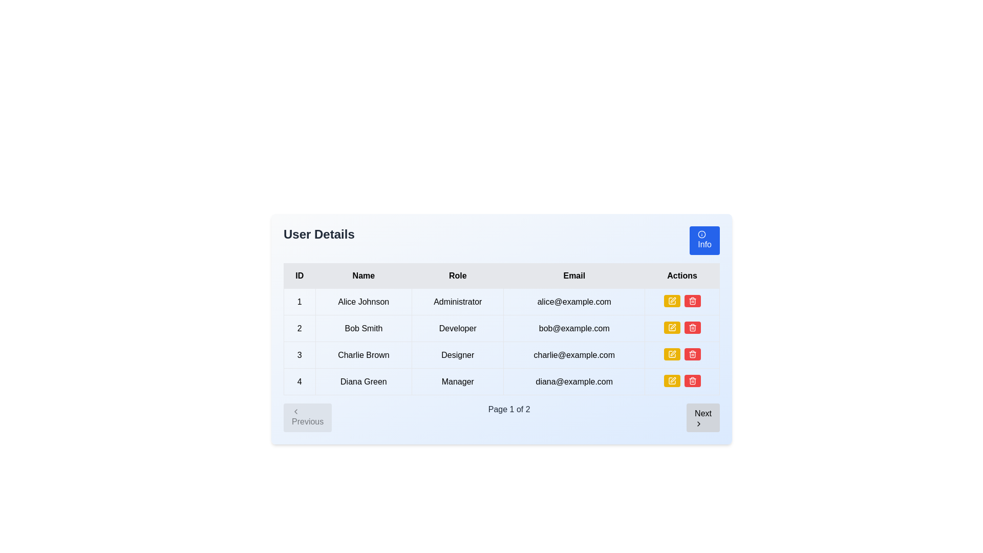 This screenshot has width=983, height=553. What do you see at coordinates (672, 353) in the screenshot?
I see `the compact yellow square button with a pen symbol inside, located in the 'Actions' column of the table under the 'User Details' heading for 'Charlie Brown'` at bounding box center [672, 353].